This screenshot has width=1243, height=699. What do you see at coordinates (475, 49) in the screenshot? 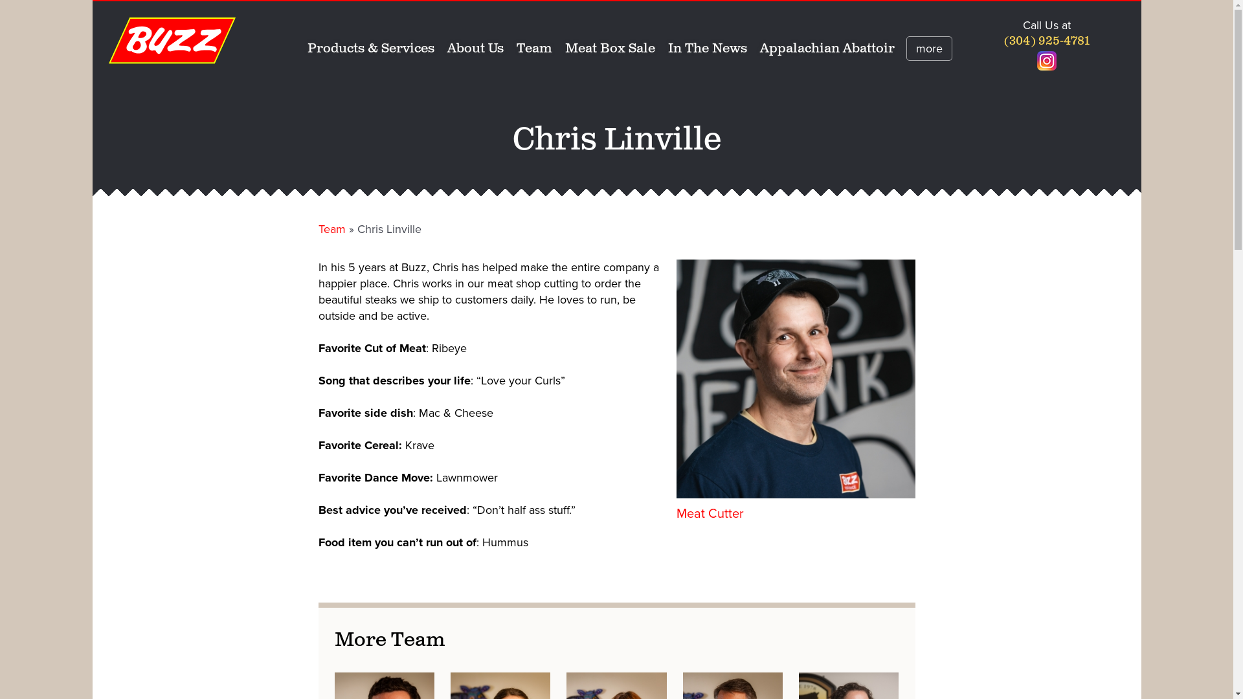
I see `'About Us'` at bounding box center [475, 49].